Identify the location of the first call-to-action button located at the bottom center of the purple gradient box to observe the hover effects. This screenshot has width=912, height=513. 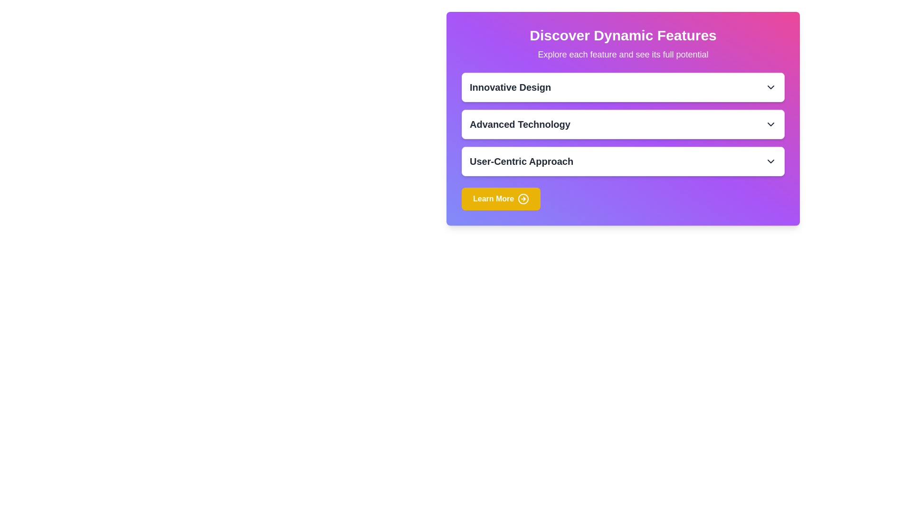
(501, 199).